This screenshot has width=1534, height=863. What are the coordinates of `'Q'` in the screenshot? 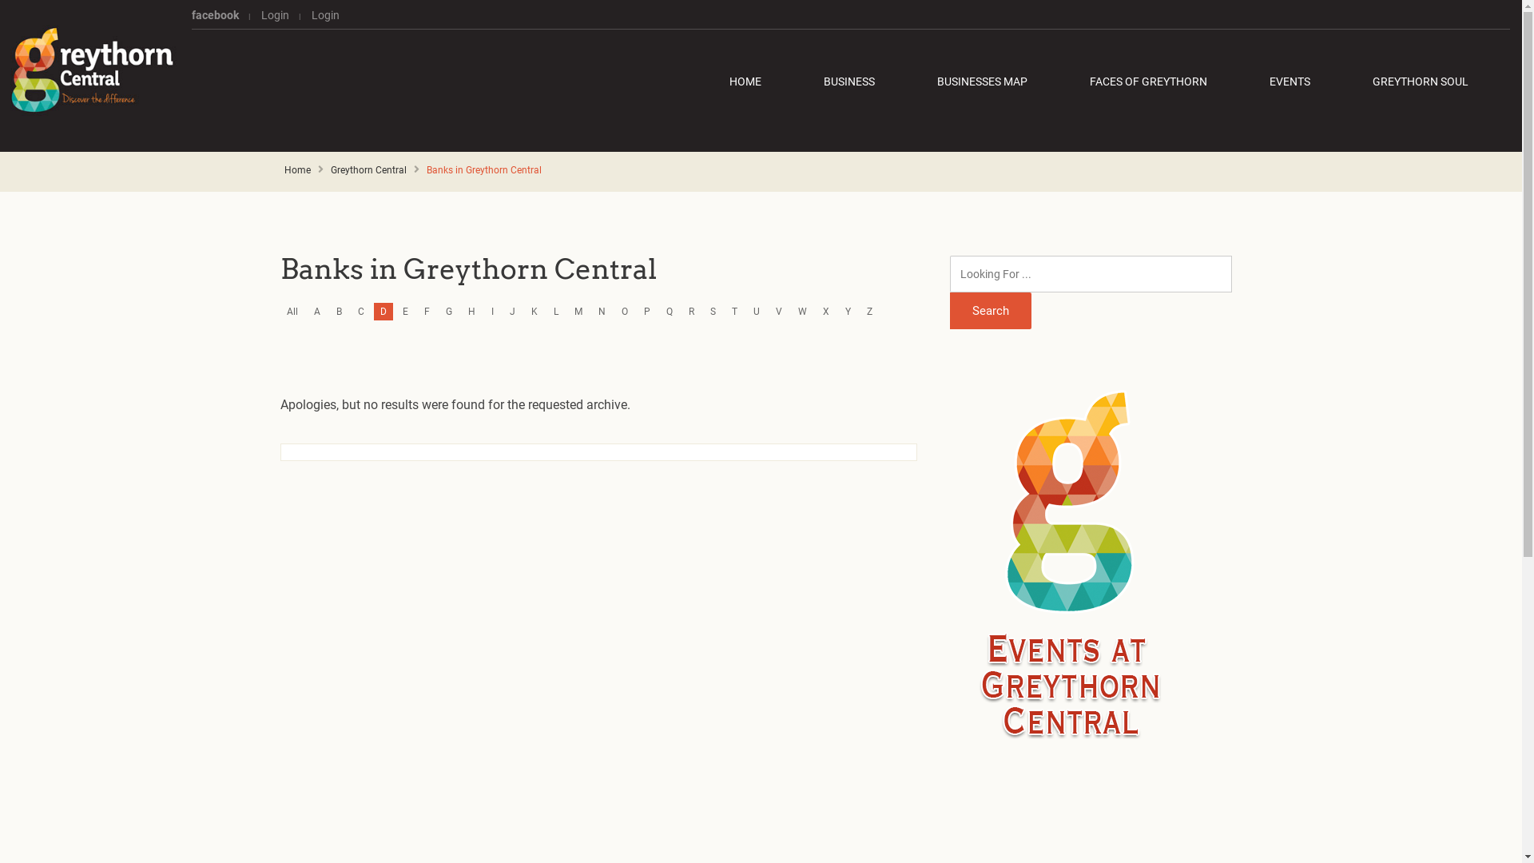 It's located at (670, 311).